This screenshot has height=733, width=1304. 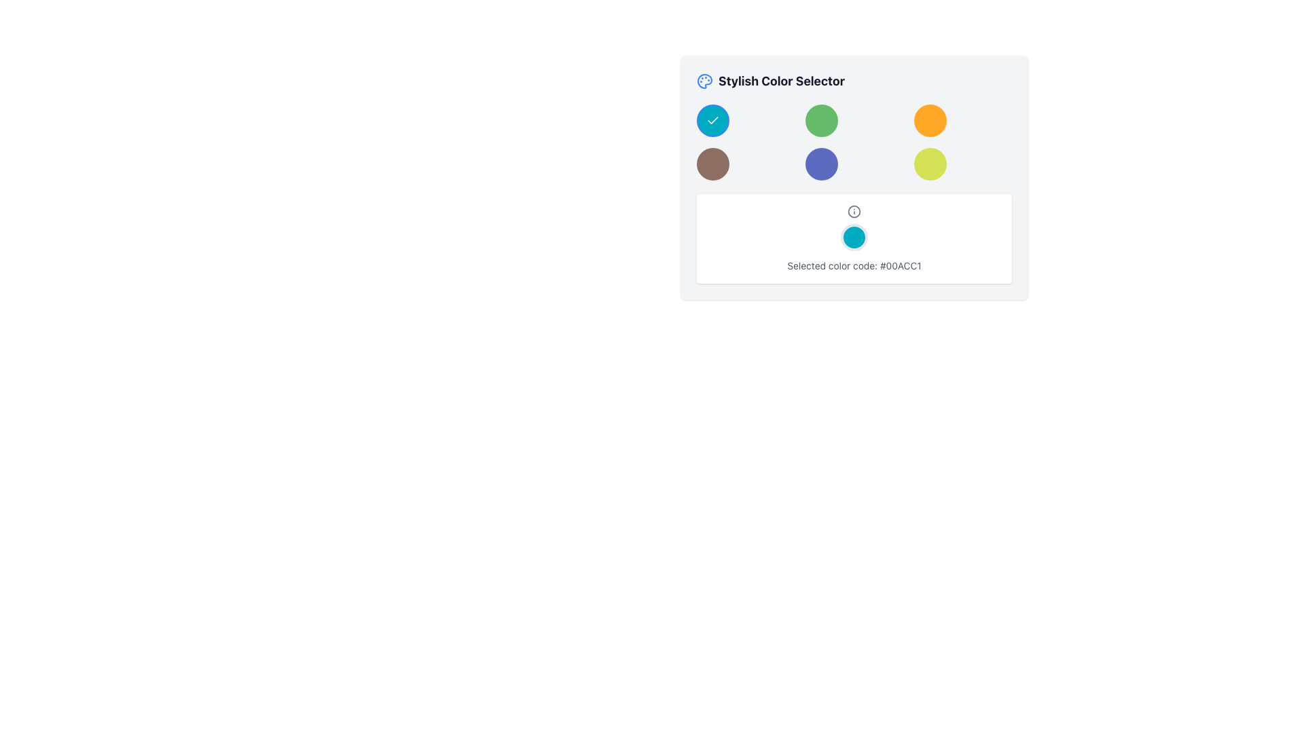 I want to click on the fifth button in a 3x3 grid layout located in the upper right section, so click(x=929, y=119).